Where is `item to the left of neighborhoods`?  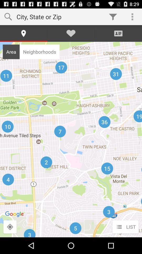 item to the left of neighborhoods is located at coordinates (11, 52).